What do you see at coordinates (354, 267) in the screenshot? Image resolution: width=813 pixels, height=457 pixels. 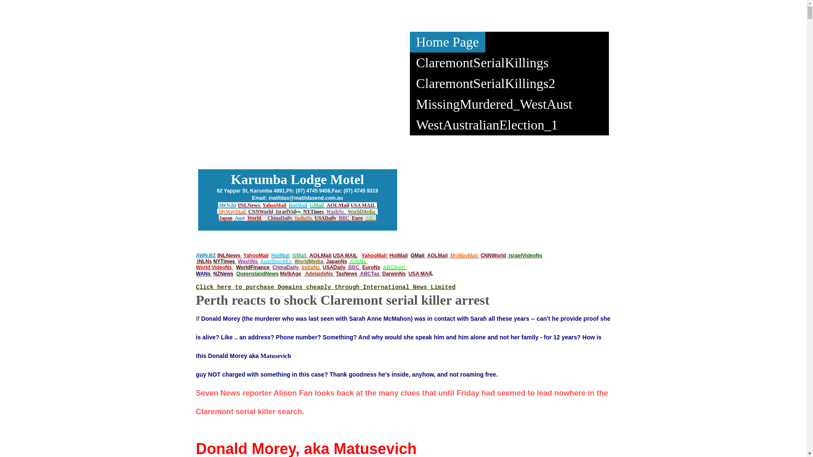 I see `'BBC'` at bounding box center [354, 267].